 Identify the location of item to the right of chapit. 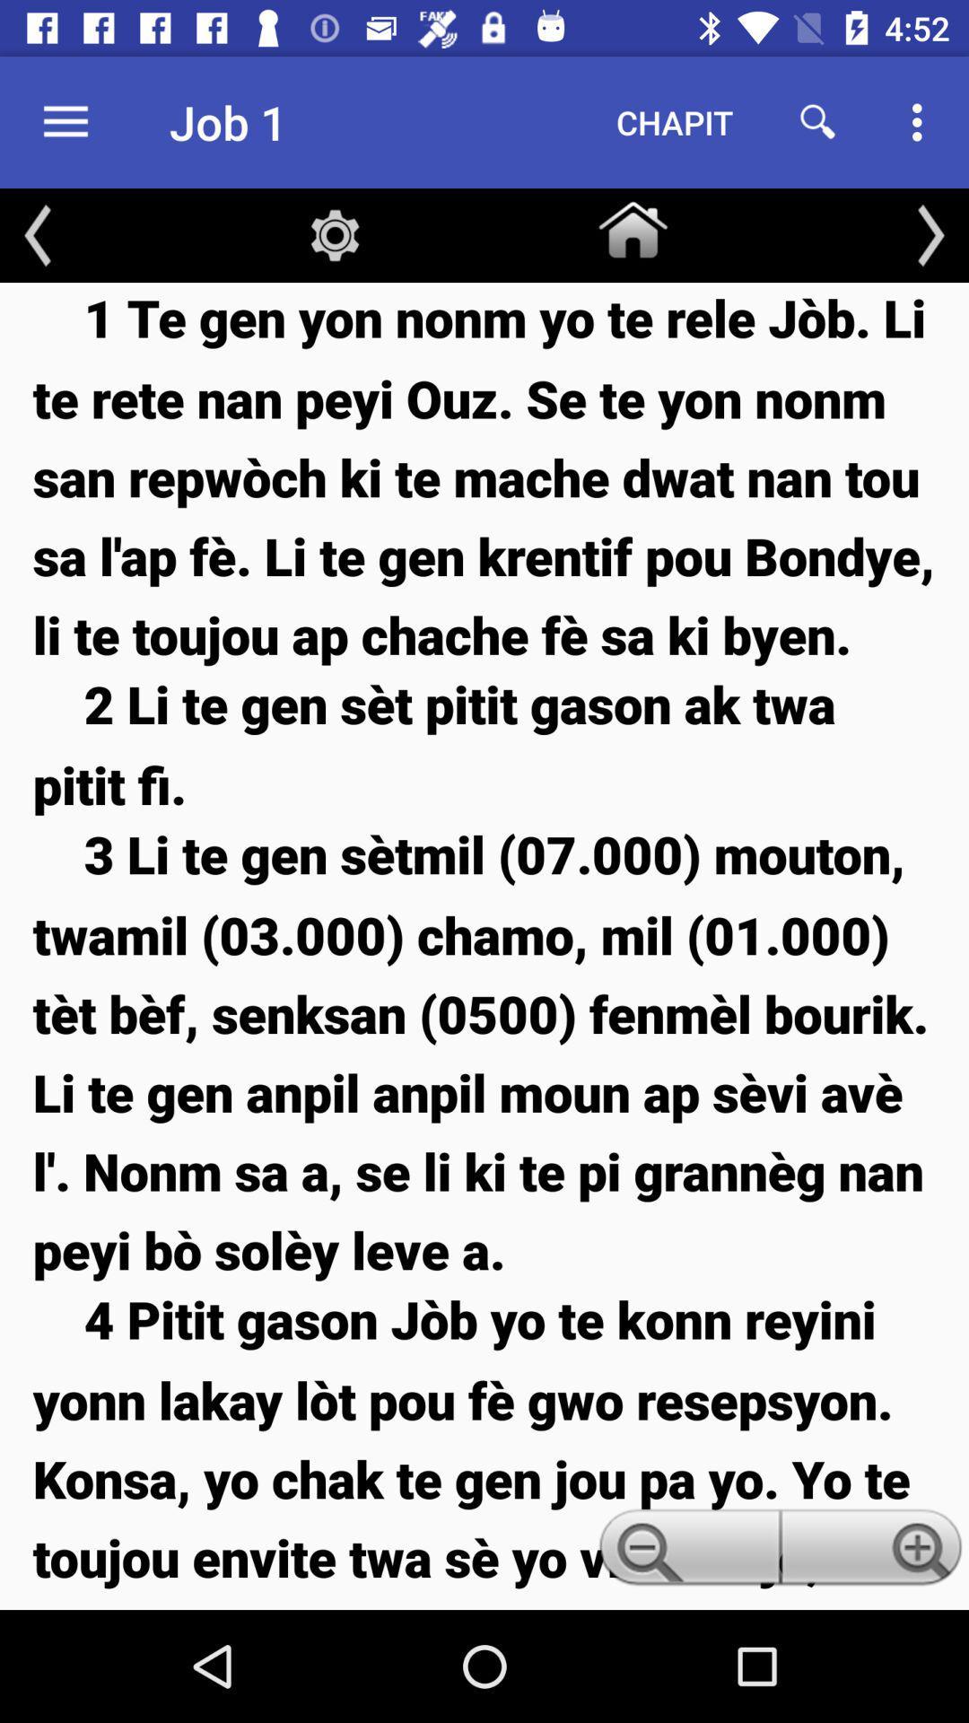
(817, 121).